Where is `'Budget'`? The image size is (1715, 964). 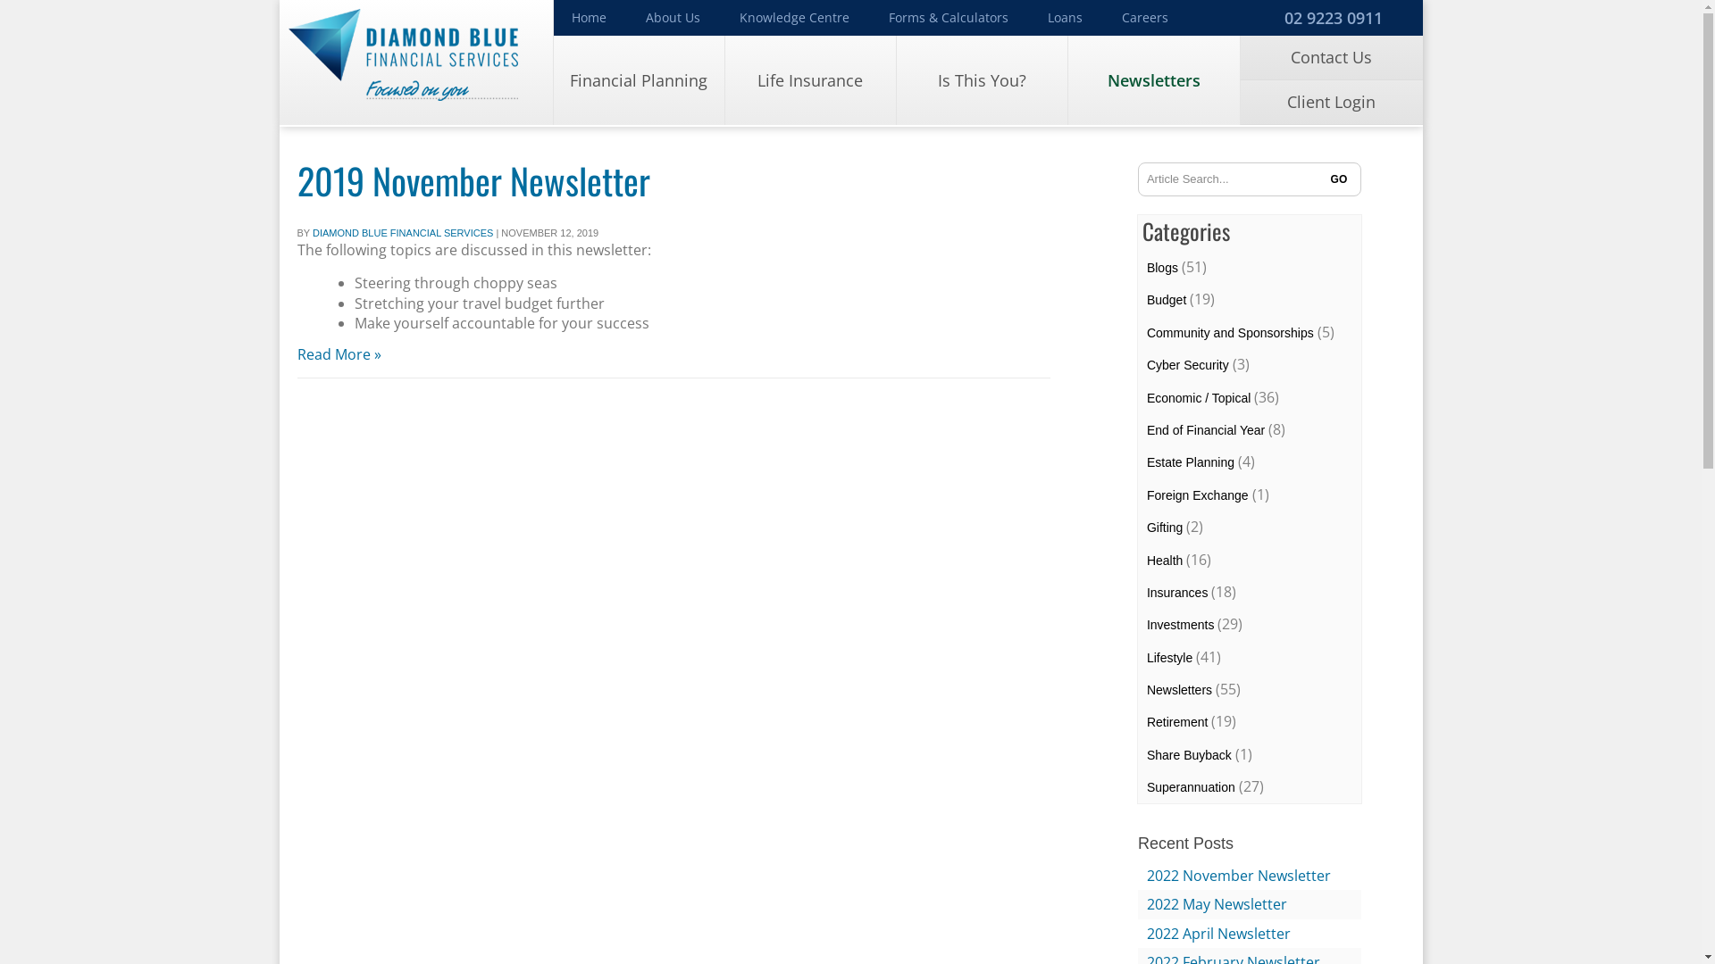
'Budget' is located at coordinates (1166, 298).